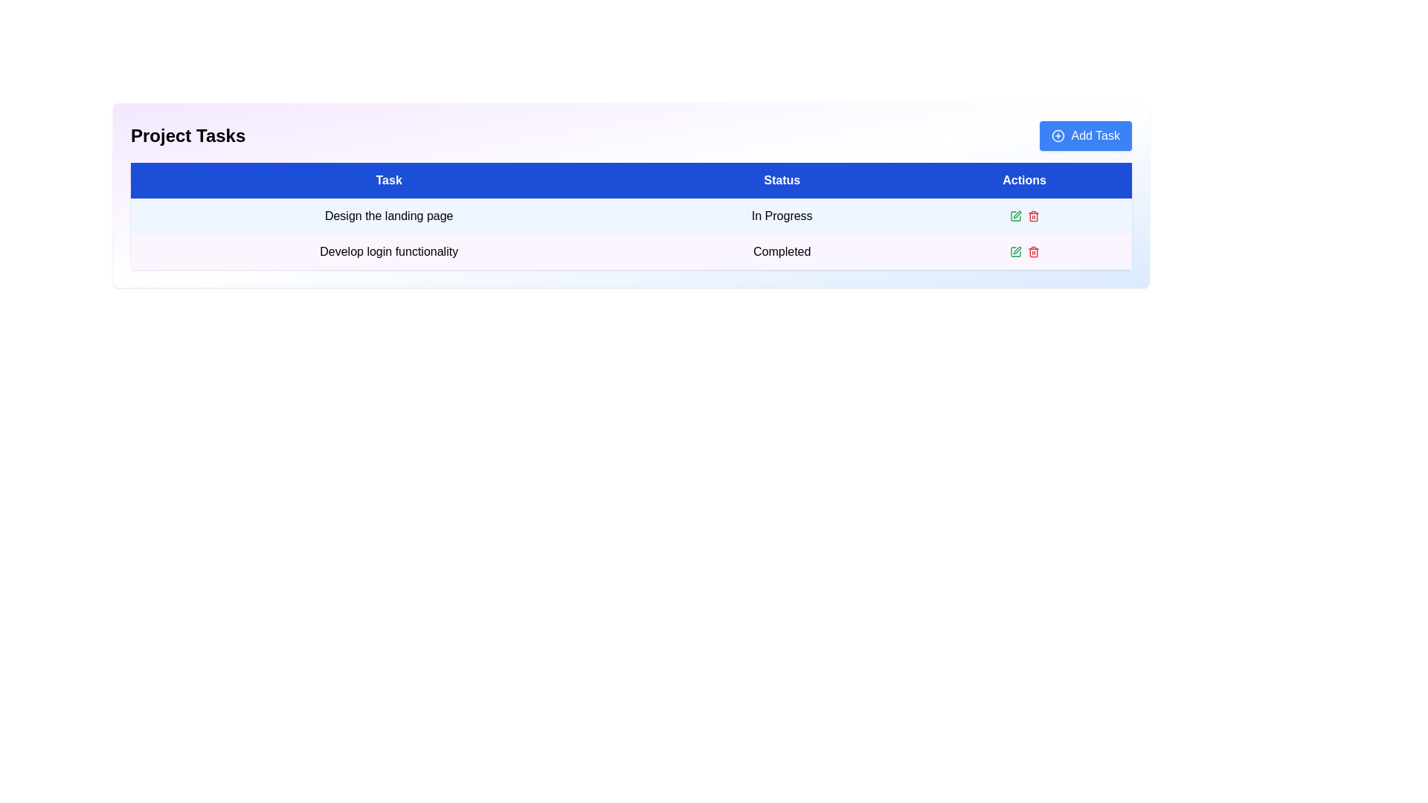 The height and width of the screenshot is (803, 1428). Describe the element at coordinates (781, 251) in the screenshot. I see `the text label displaying 'Completed' in the second row of the table under the 'Status' column, which has a light purple background` at that location.